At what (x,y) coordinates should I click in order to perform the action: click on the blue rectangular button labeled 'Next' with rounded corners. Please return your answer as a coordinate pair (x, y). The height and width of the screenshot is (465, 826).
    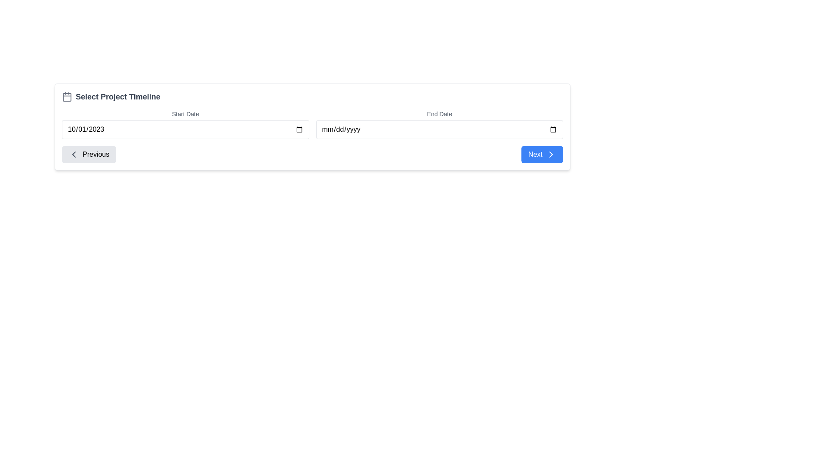
    Looking at the image, I should click on (542, 154).